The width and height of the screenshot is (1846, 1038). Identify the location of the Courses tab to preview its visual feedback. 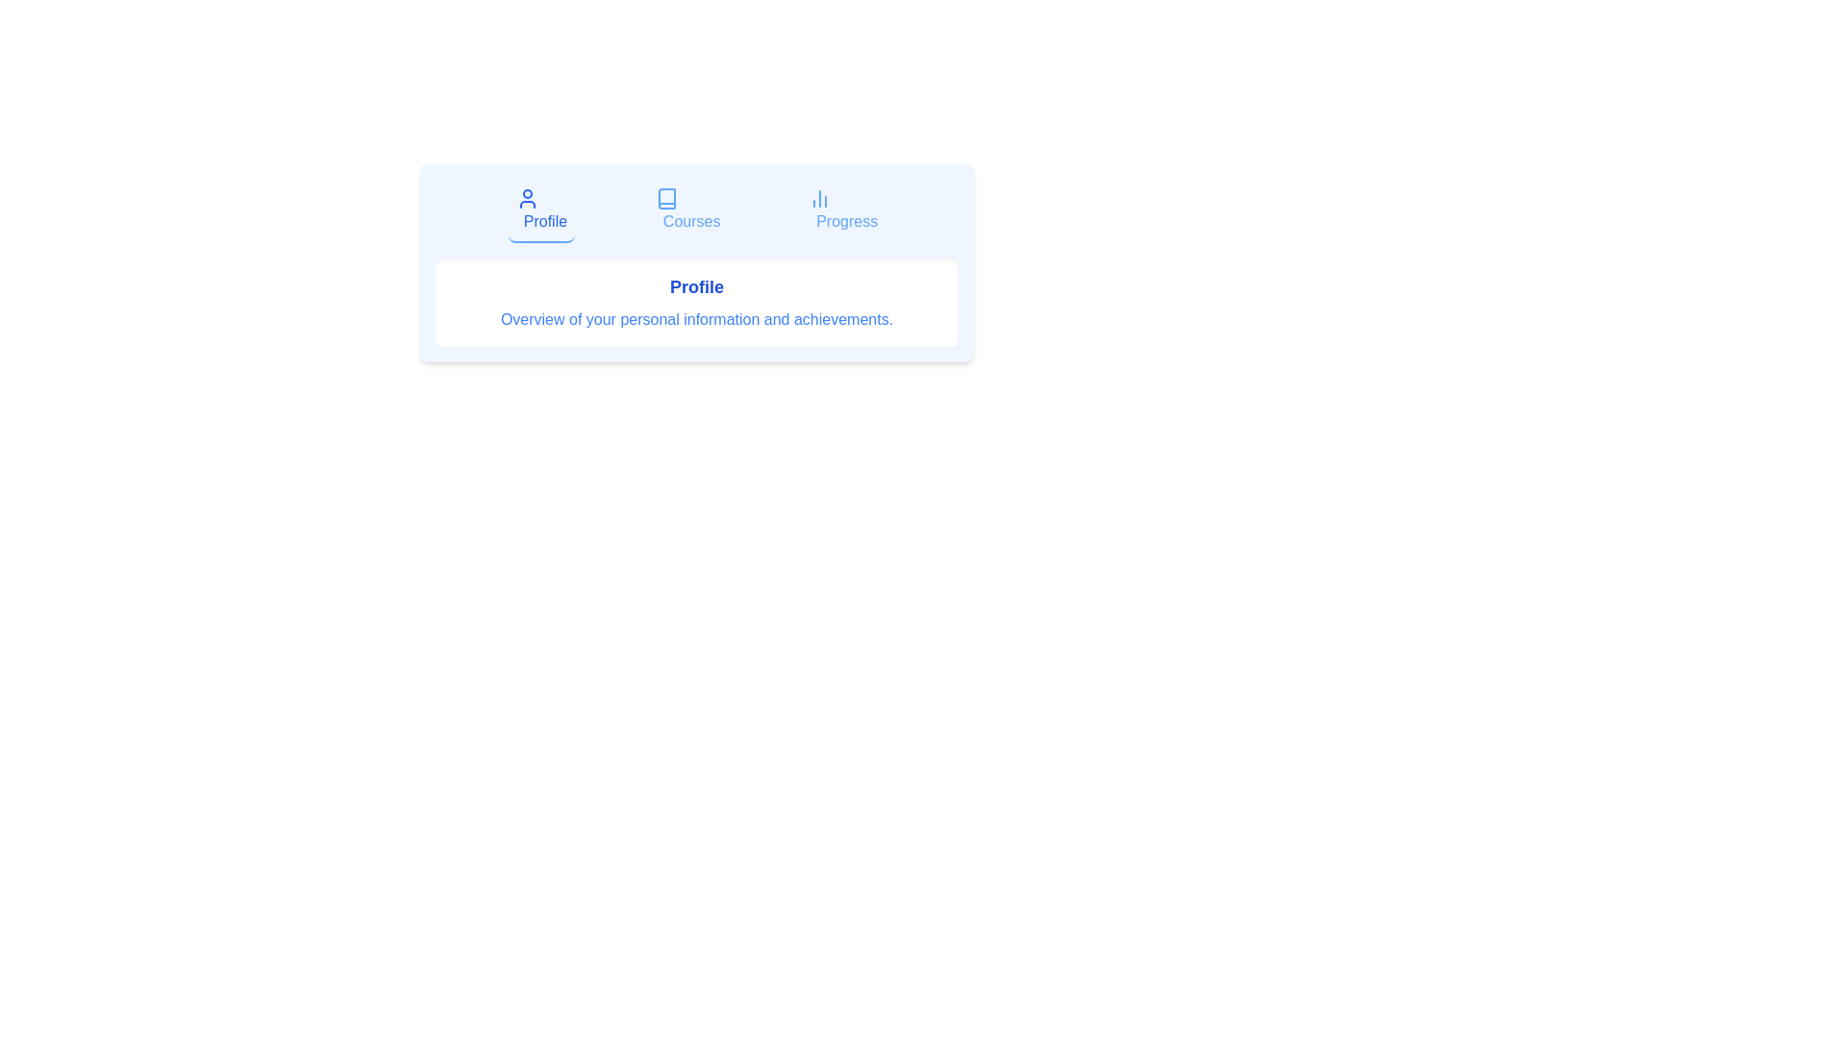
(687, 210).